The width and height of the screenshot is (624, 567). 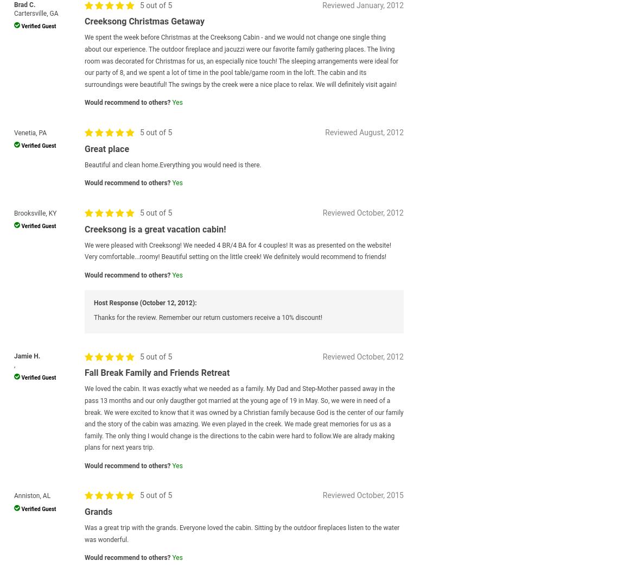 I want to click on 'Reviewed August, 2012', so click(x=364, y=132).